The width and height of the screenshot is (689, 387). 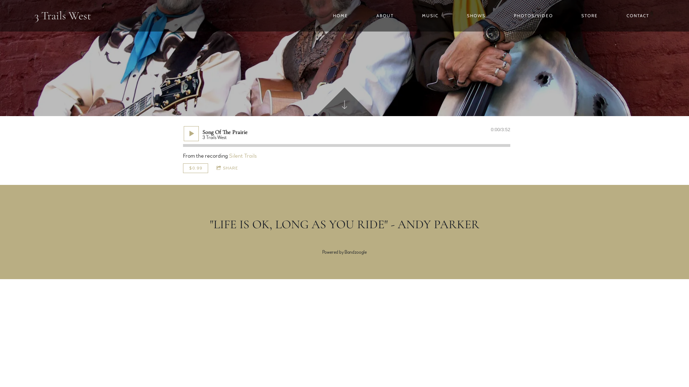 What do you see at coordinates (227, 168) in the screenshot?
I see `'SHARE'` at bounding box center [227, 168].